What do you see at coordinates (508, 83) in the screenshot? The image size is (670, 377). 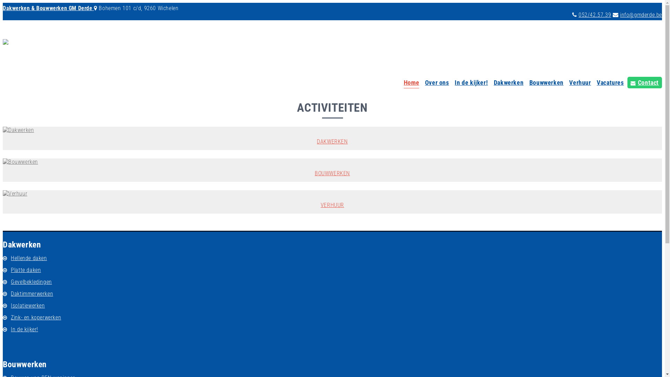 I see `'Dakwerken'` at bounding box center [508, 83].